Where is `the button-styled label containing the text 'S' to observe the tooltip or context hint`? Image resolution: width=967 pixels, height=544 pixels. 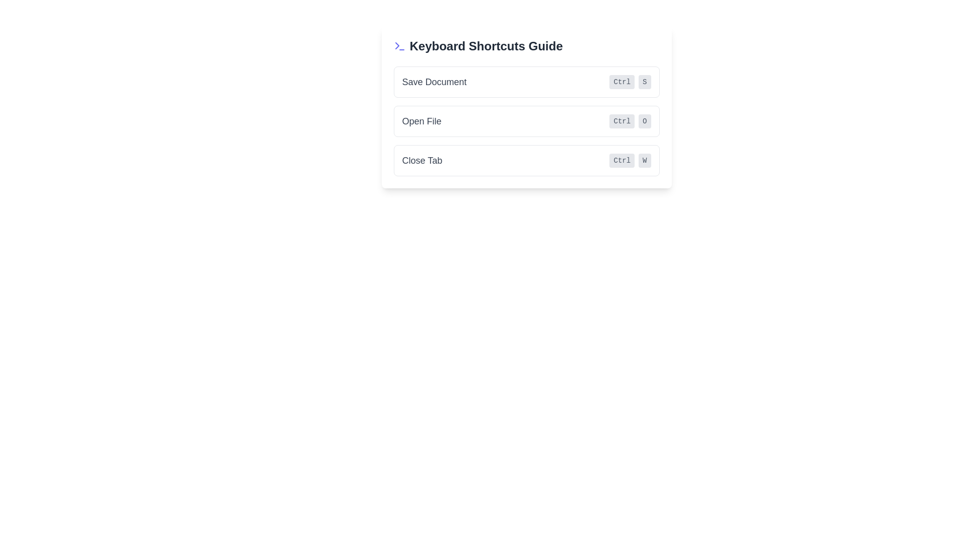
the button-styled label containing the text 'S' to observe the tooltip or context hint is located at coordinates (645, 81).